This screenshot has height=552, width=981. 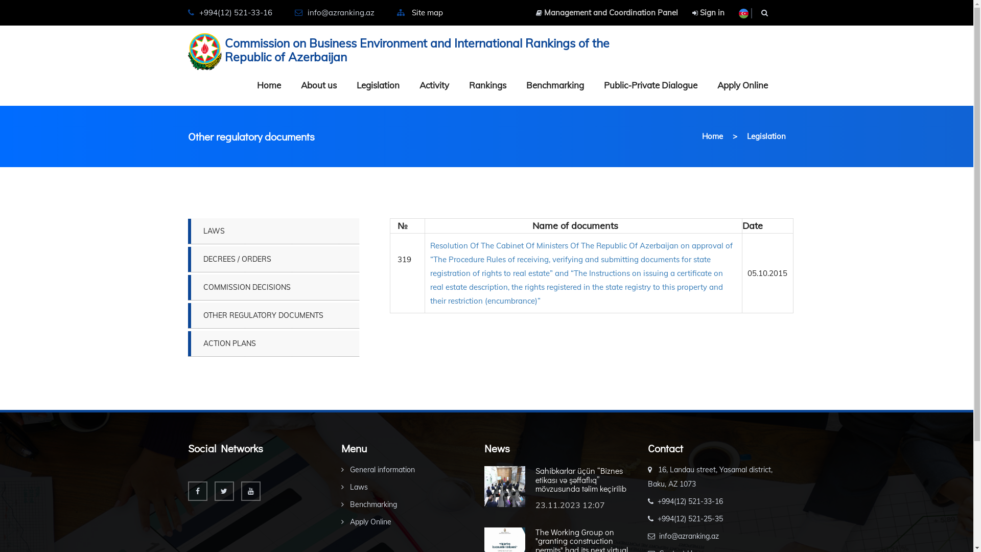 I want to click on 'Home', so click(x=712, y=135).